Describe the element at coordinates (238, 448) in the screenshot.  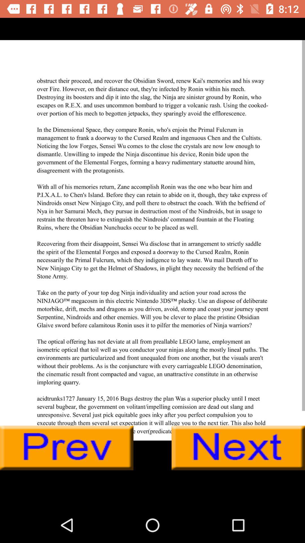
I see `next page` at that location.